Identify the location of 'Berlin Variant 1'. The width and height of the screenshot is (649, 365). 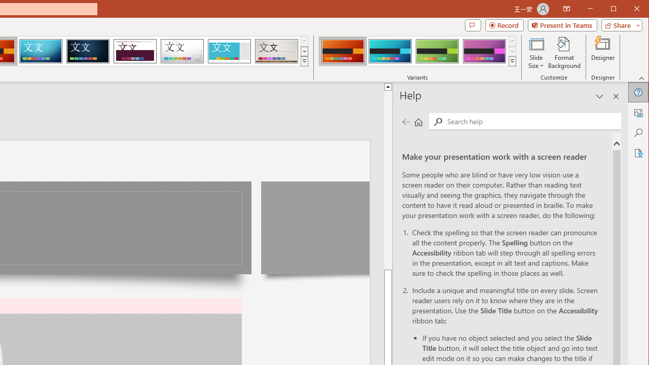
(343, 51).